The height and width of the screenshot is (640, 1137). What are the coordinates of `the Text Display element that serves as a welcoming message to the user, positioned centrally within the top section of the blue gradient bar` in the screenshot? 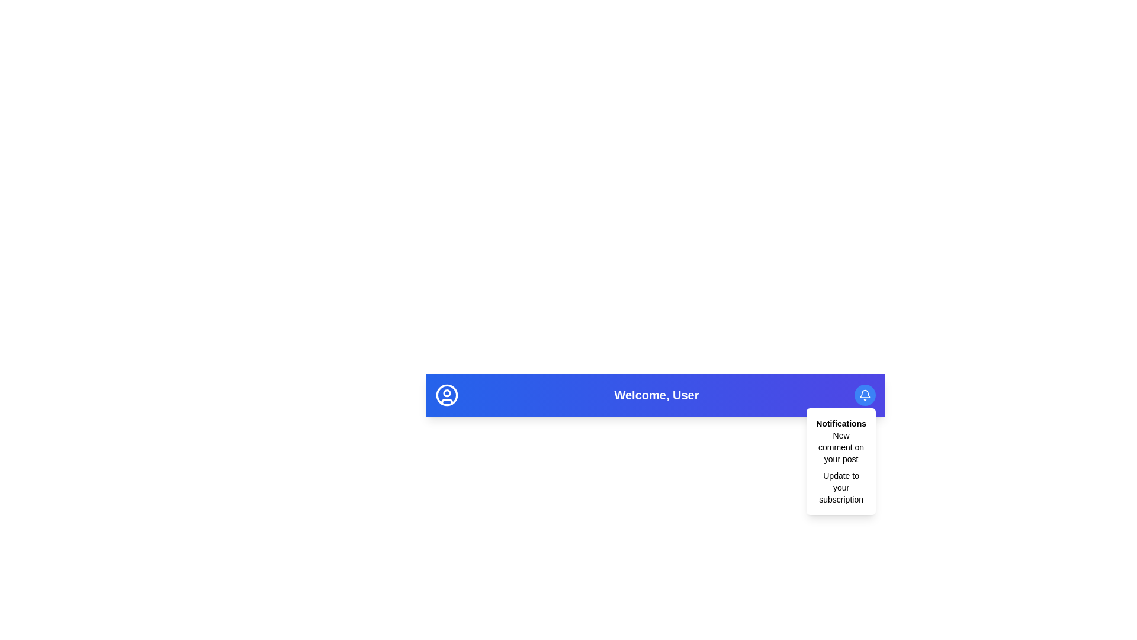 It's located at (655, 395).